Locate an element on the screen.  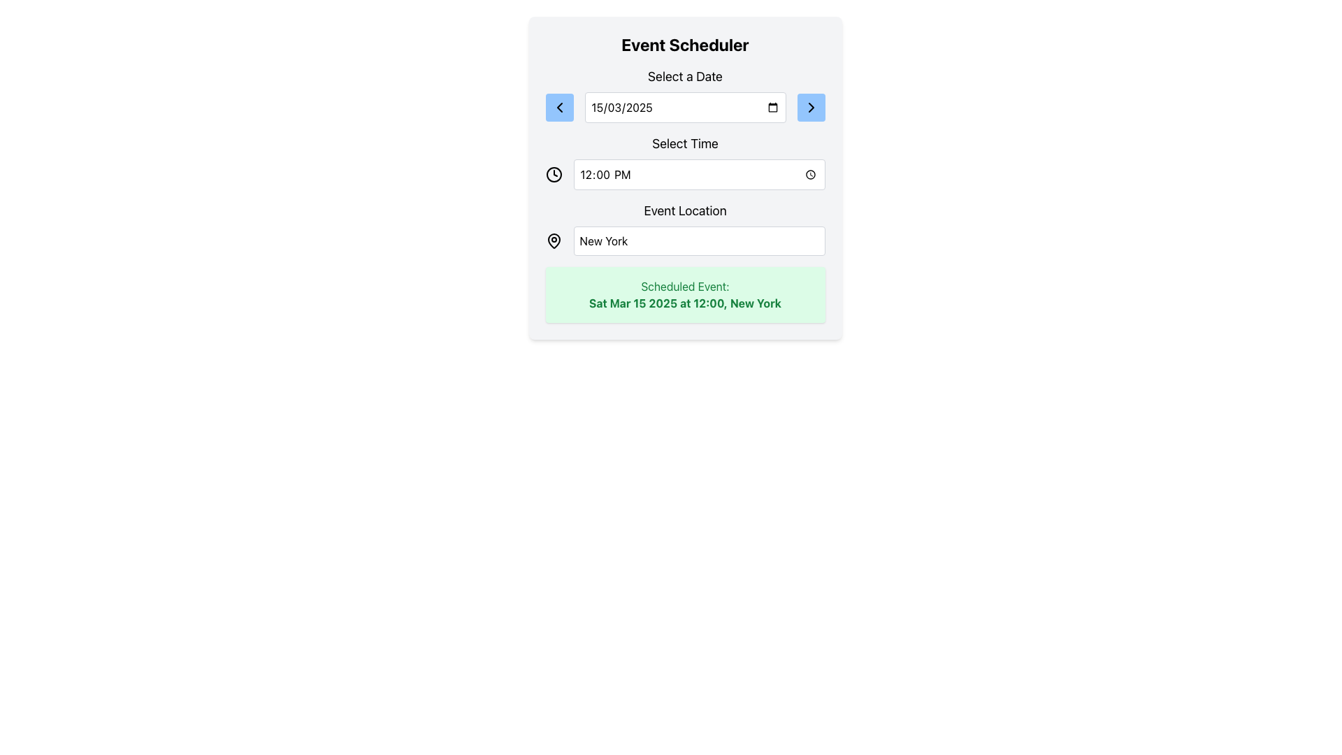
the left-facing Chevron Icon located inside a blue button is located at coordinates (559, 107).